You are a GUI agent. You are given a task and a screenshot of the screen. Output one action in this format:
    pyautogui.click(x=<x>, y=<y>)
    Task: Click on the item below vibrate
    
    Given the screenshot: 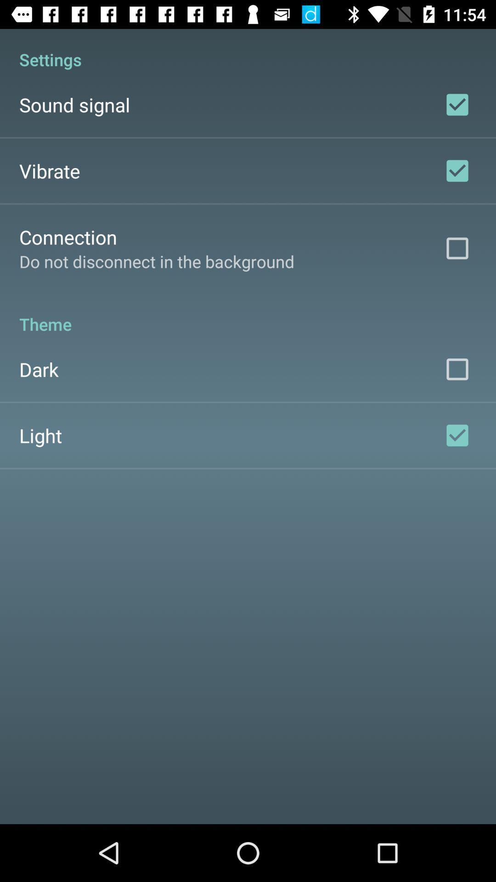 What is the action you would take?
    pyautogui.click(x=68, y=237)
    